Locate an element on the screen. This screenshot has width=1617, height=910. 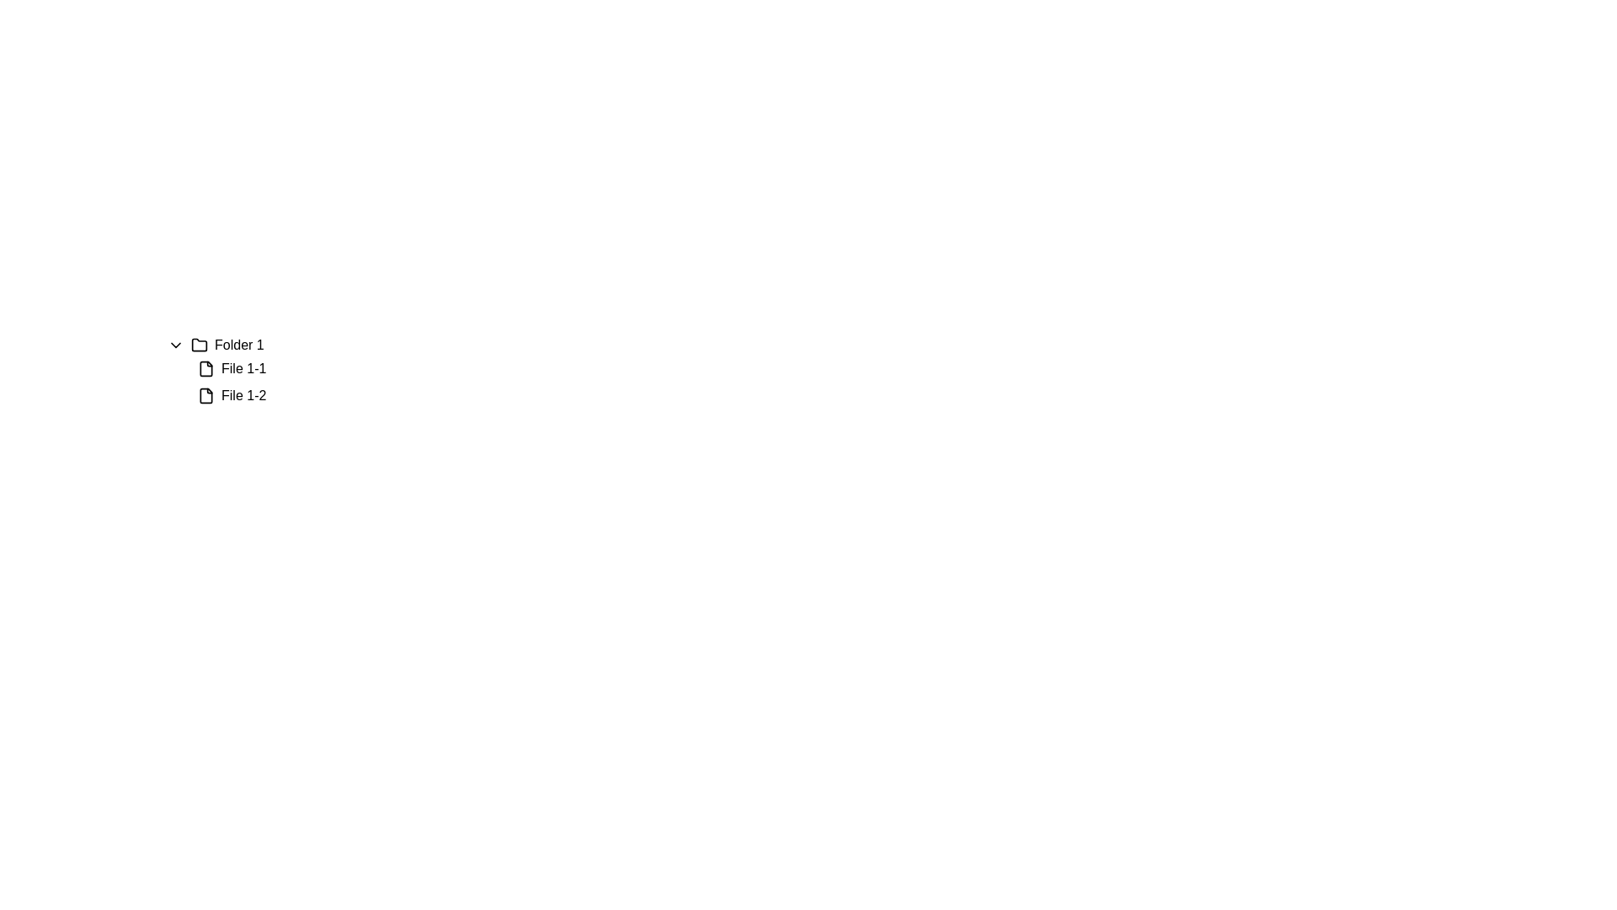
the folder icon located next to the text labeled 'Folder 1' is located at coordinates (199, 343).